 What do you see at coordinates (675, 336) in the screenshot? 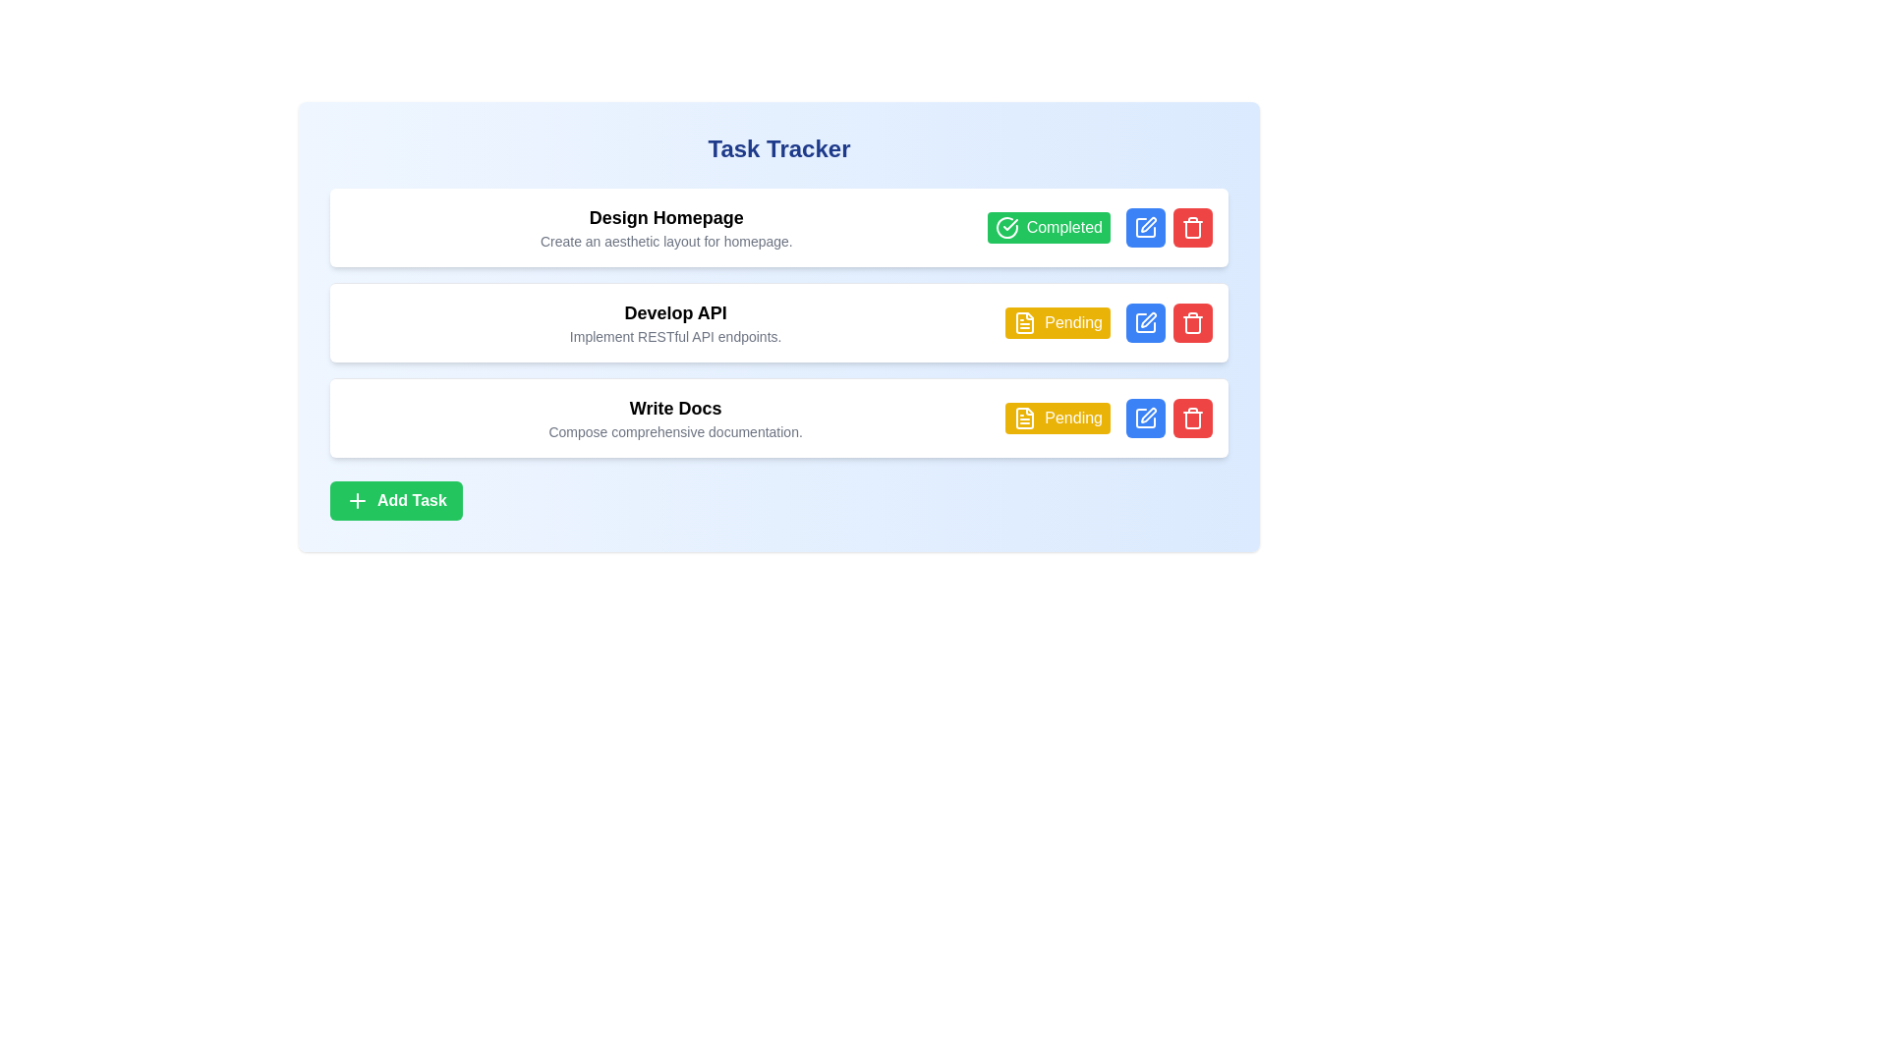
I see `the text label that reads 'Implement RESTful API endpoints.' which is styled in a small light-gray font and positioned below the bold 'Develop API' text in the middle task card` at bounding box center [675, 336].